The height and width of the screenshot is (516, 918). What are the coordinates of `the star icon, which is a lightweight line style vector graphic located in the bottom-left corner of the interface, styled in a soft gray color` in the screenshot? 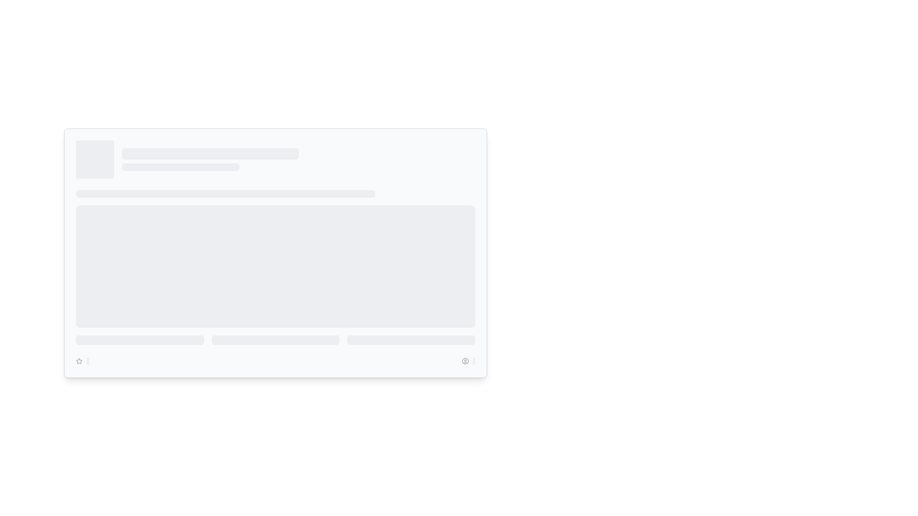 It's located at (79, 361).